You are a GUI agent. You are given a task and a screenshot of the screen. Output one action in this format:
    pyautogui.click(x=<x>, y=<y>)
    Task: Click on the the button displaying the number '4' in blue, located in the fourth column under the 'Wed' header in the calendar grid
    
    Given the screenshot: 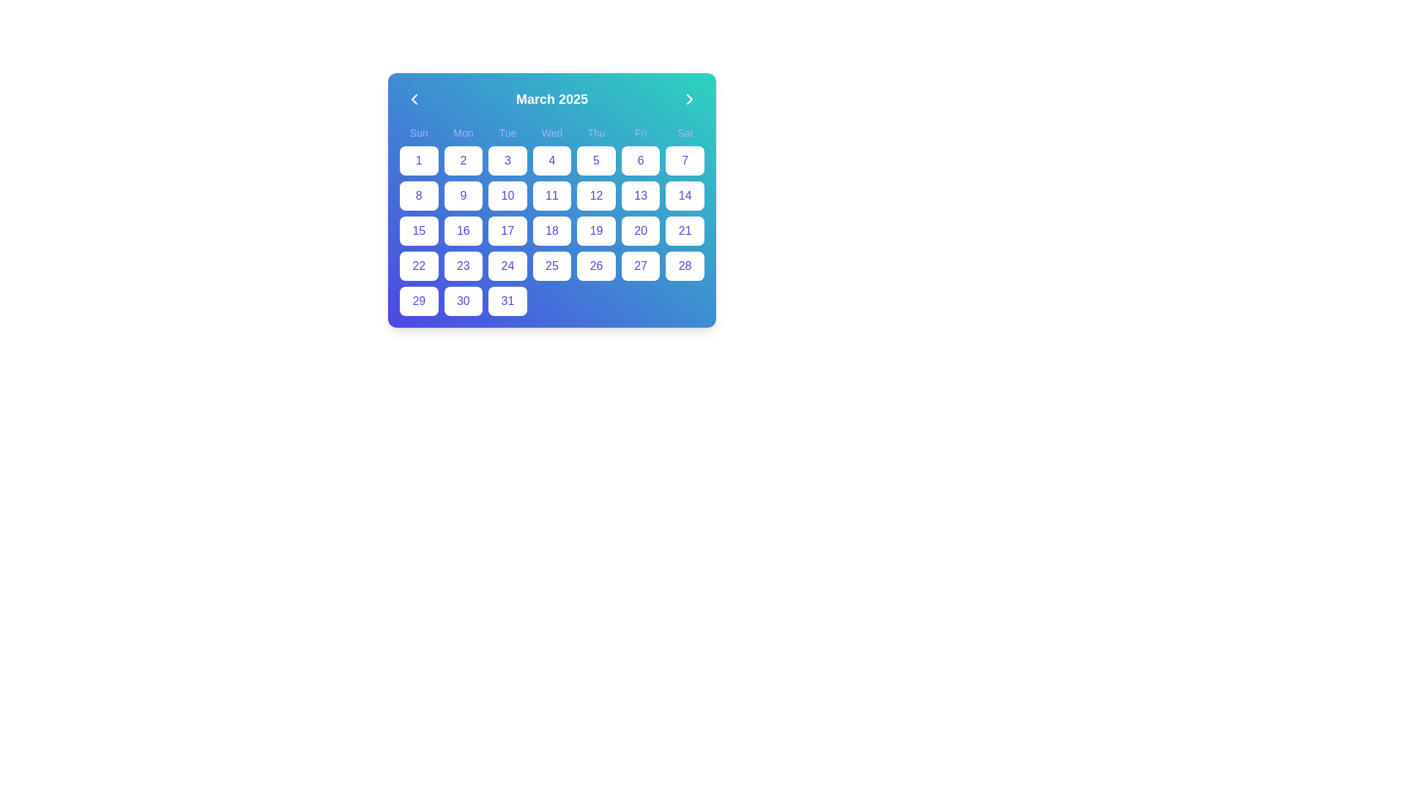 What is the action you would take?
    pyautogui.click(x=551, y=160)
    